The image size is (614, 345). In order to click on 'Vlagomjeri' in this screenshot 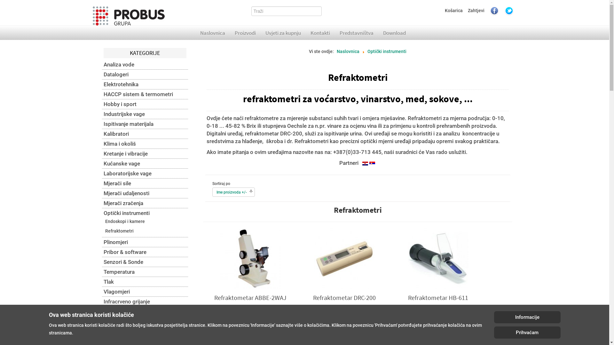, I will do `click(145, 292)`.